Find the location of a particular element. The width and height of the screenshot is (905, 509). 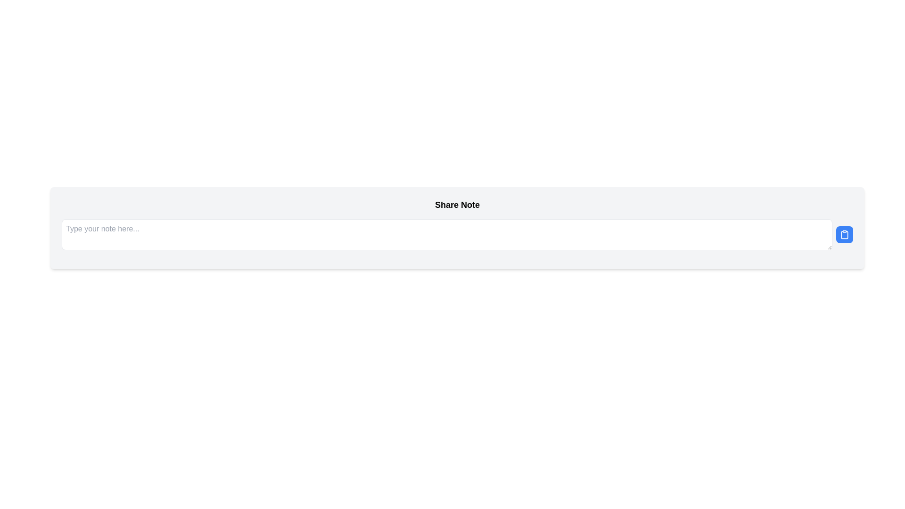

the blue square button with a white clipboard icon located to the far right of the text input box labeled 'Type your note here...' is located at coordinates (844, 234).